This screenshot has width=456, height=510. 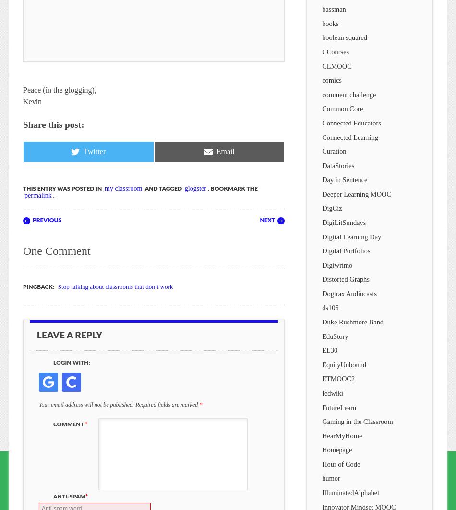 I want to click on 'Required fields are marked', so click(x=167, y=404).